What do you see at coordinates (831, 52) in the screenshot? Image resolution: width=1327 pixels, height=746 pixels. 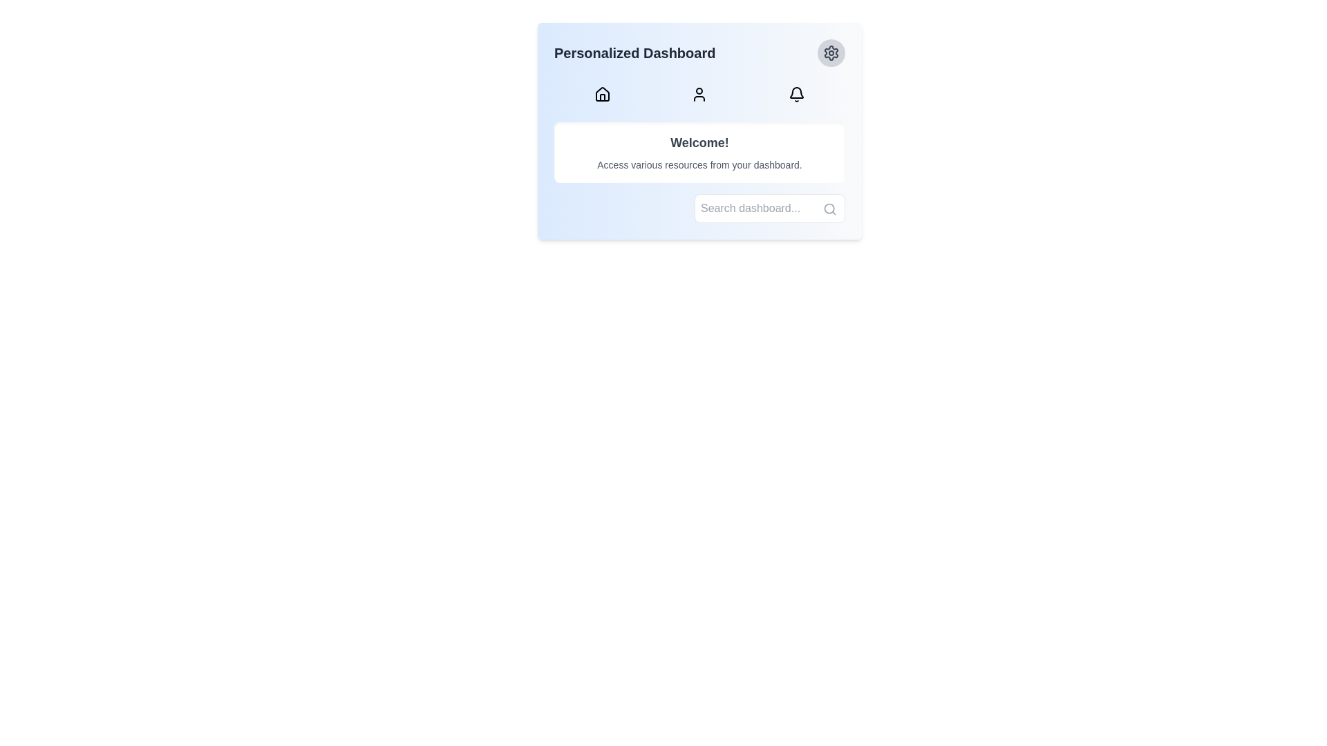 I see `the settings icon located at the top-right corner of the 'Personalized Dashboard' card section` at bounding box center [831, 52].